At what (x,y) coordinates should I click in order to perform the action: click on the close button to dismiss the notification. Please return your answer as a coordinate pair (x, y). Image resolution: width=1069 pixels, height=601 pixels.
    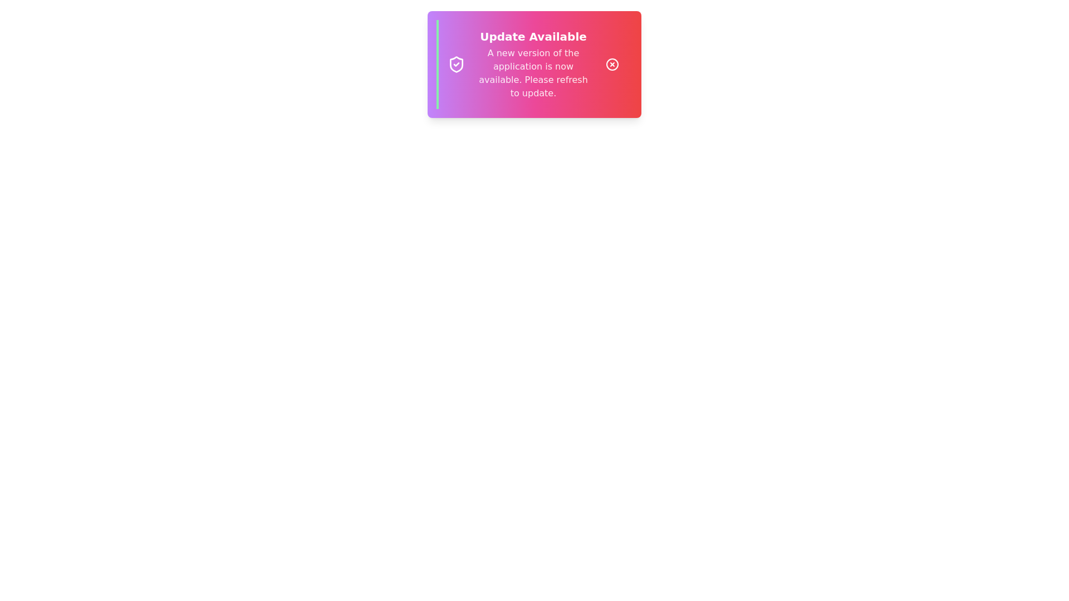
    Looking at the image, I should click on (611, 64).